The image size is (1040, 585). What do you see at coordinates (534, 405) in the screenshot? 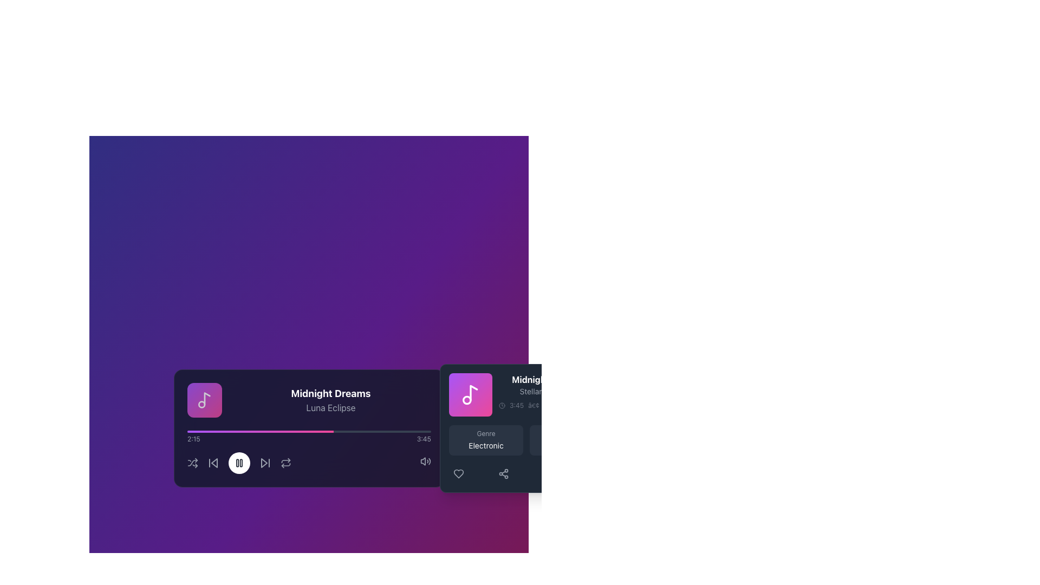
I see `the typographic bullet that follows the duration text '3:45' in the textual row` at bounding box center [534, 405].